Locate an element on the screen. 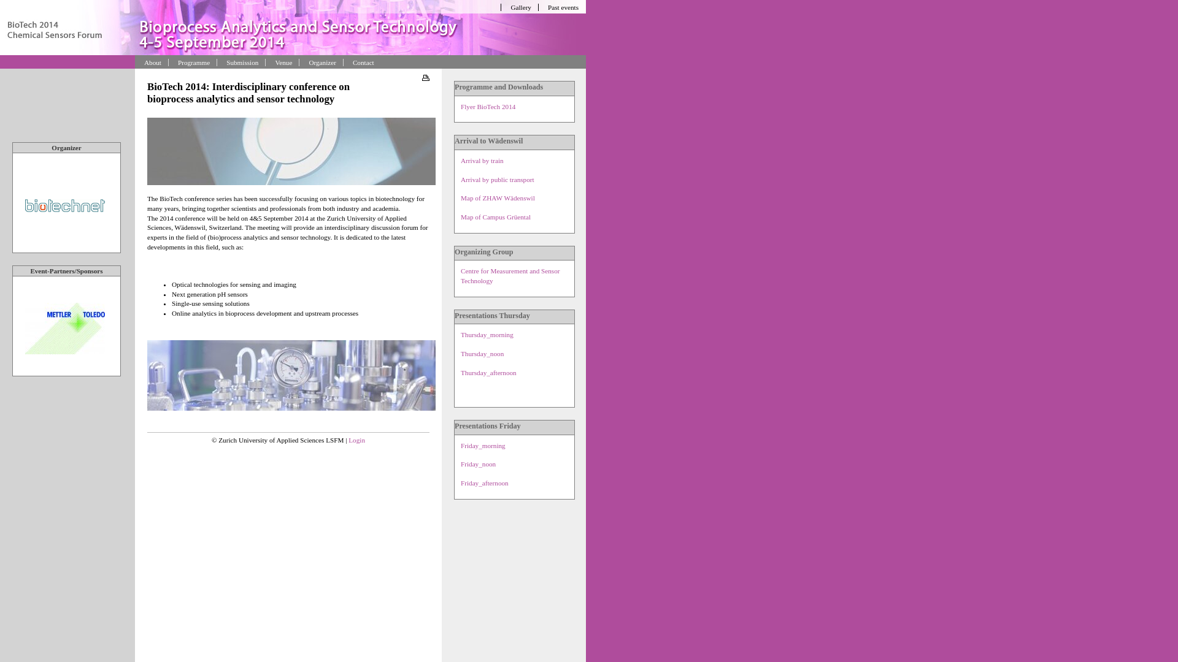 The width and height of the screenshot is (1178, 662). 'Login' is located at coordinates (356, 439).